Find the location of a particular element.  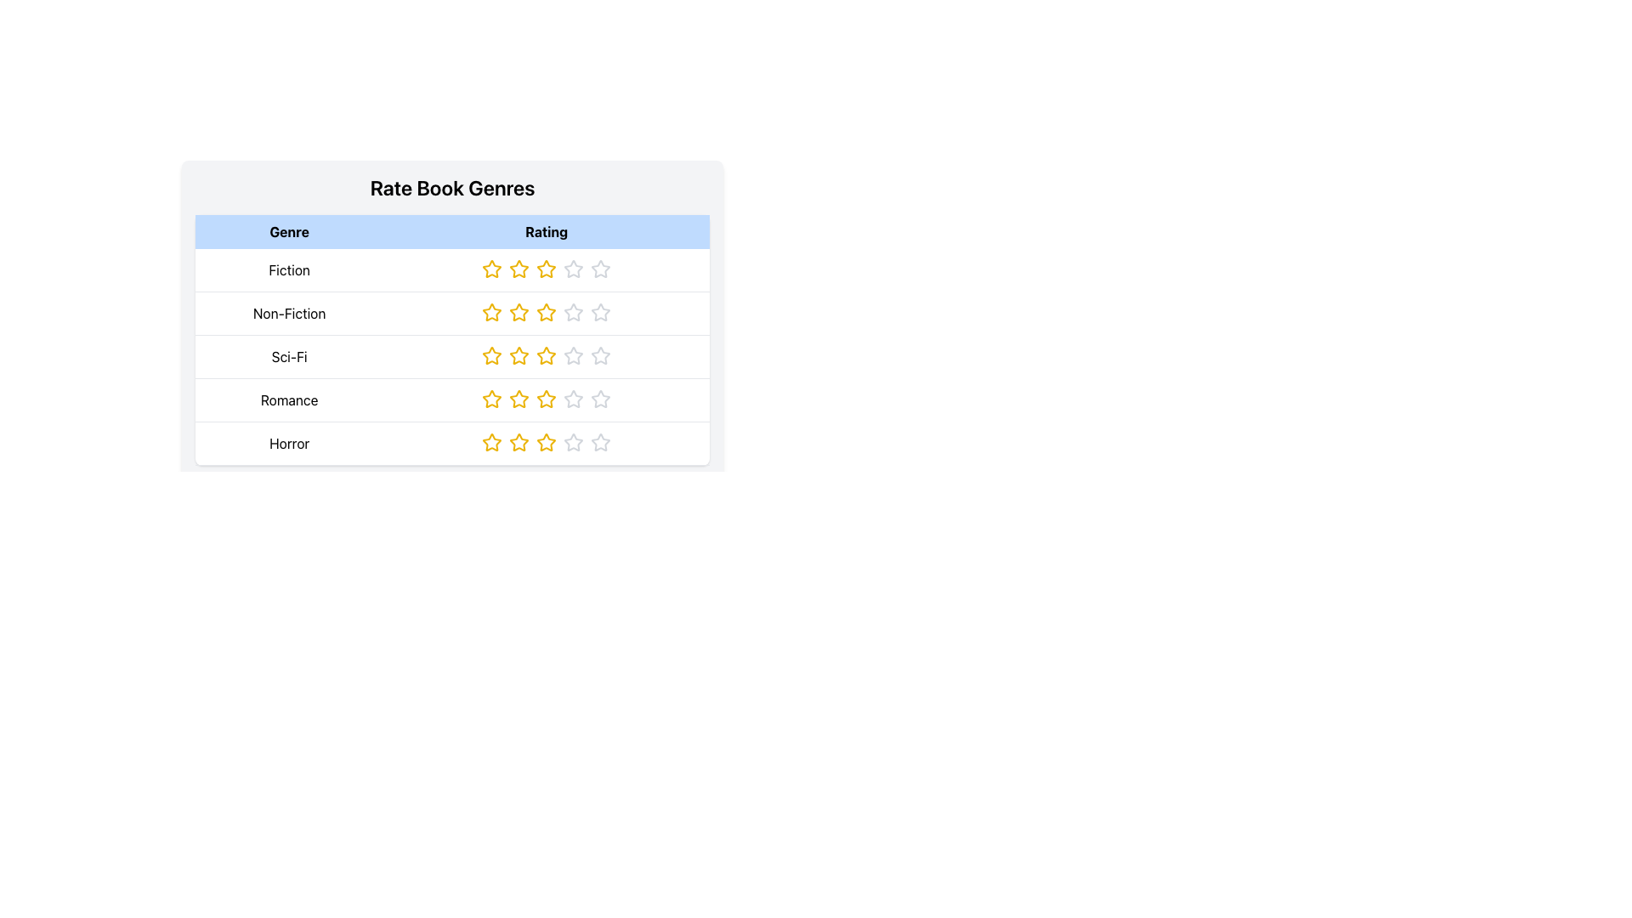

the fourth star in the 'Rating' column of the 'Romance' row is located at coordinates (574, 399).